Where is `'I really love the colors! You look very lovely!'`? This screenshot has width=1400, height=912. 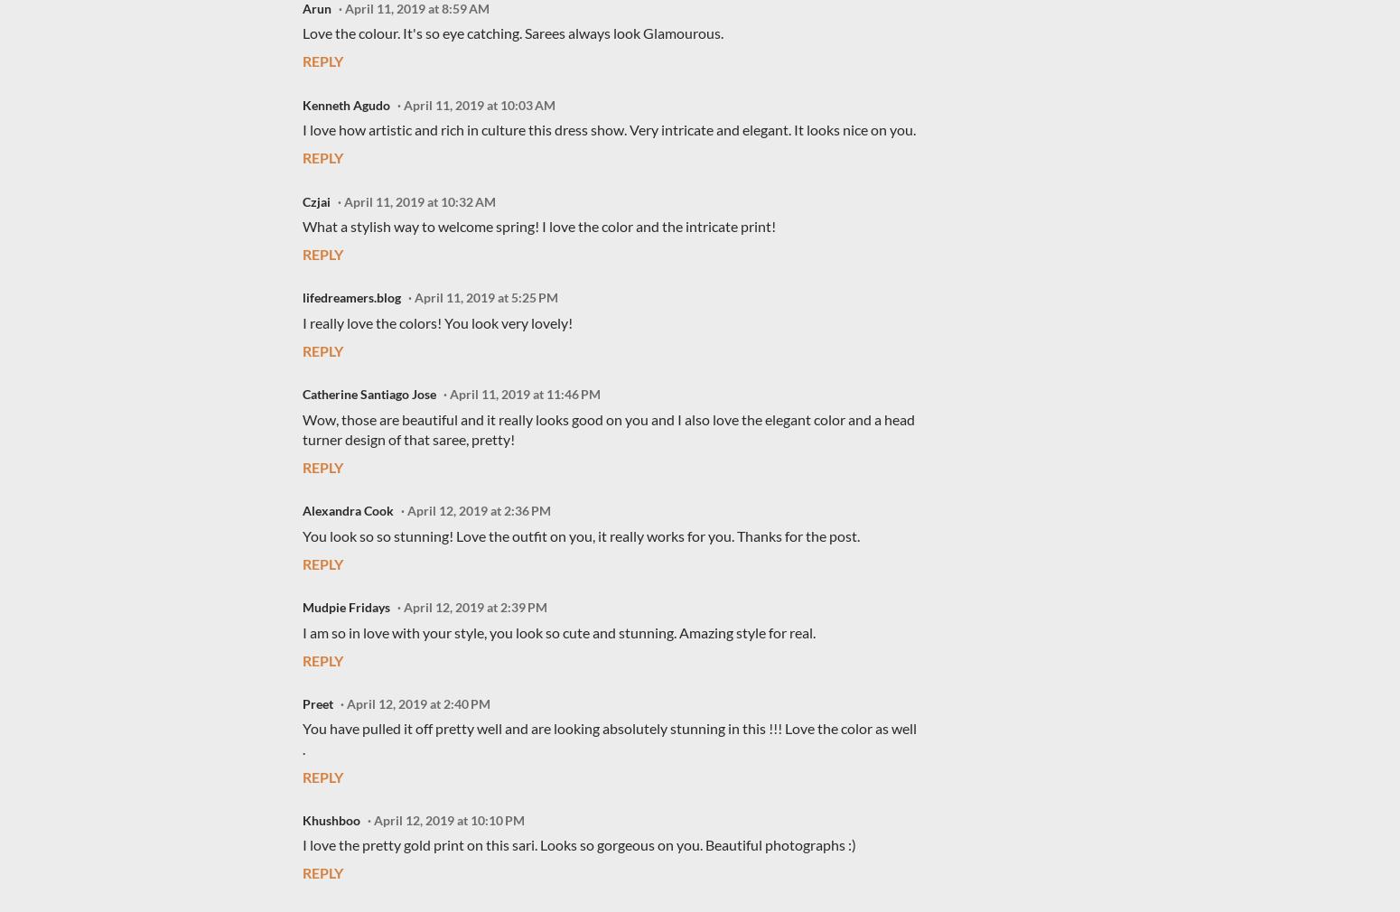 'I really love the colors! You look very lovely!' is located at coordinates (301, 321).